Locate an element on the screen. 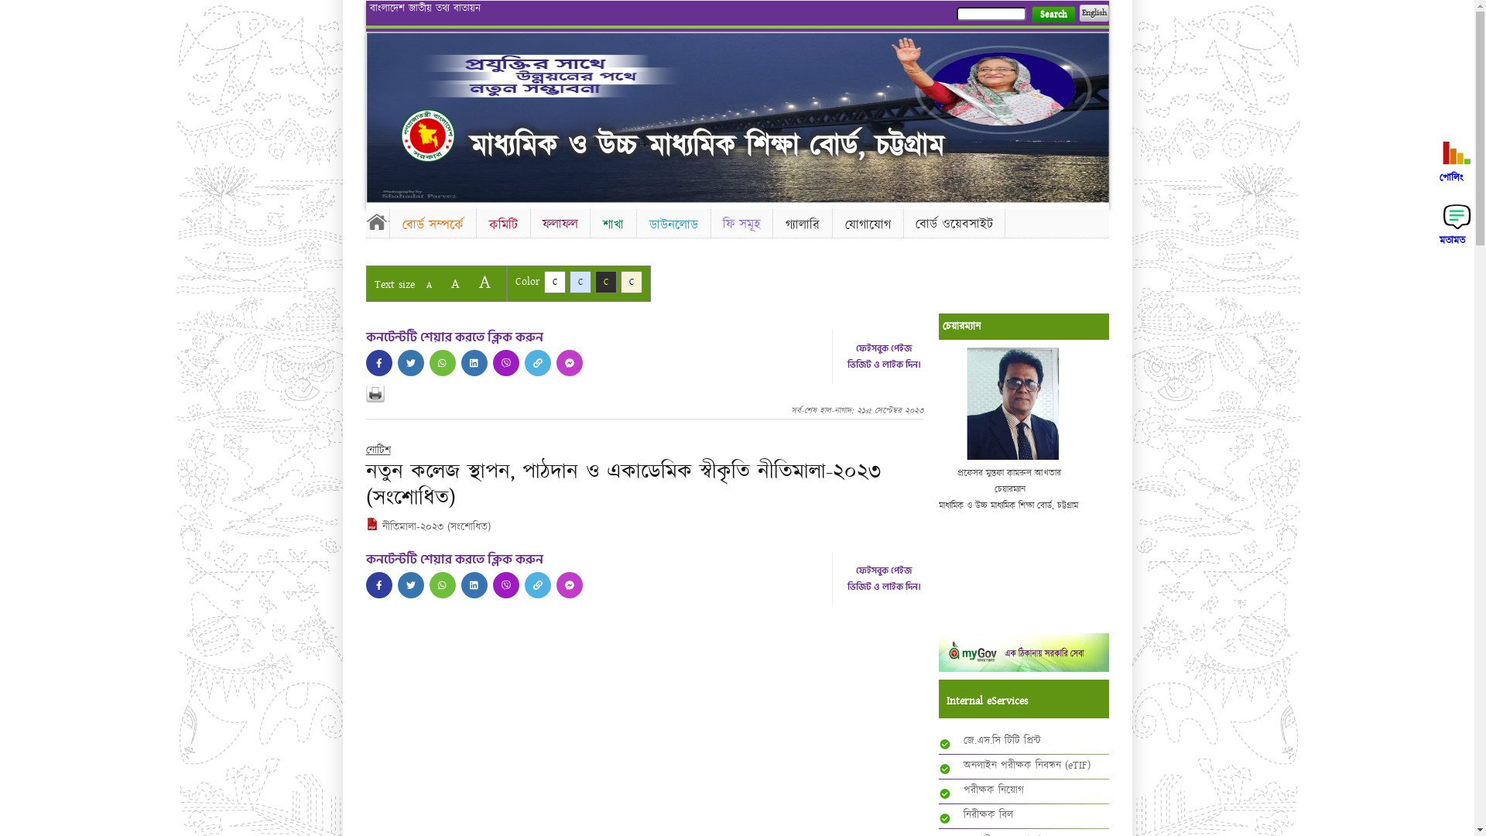 The width and height of the screenshot is (1486, 836). 'Home' is located at coordinates (427, 134).